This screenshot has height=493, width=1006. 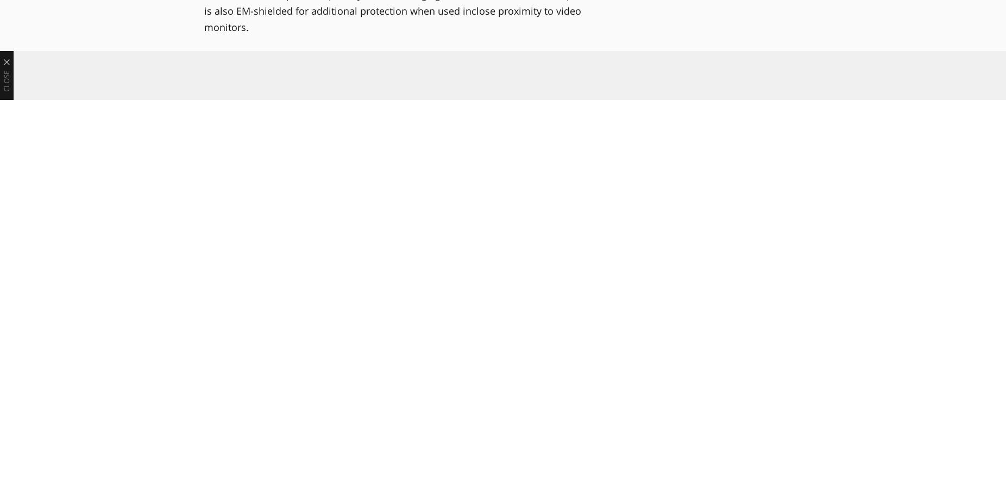 What do you see at coordinates (512, 459) in the screenshot?
I see `'Genelec To Bow Controller, Monitoring Platform at IBC Show'` at bounding box center [512, 459].